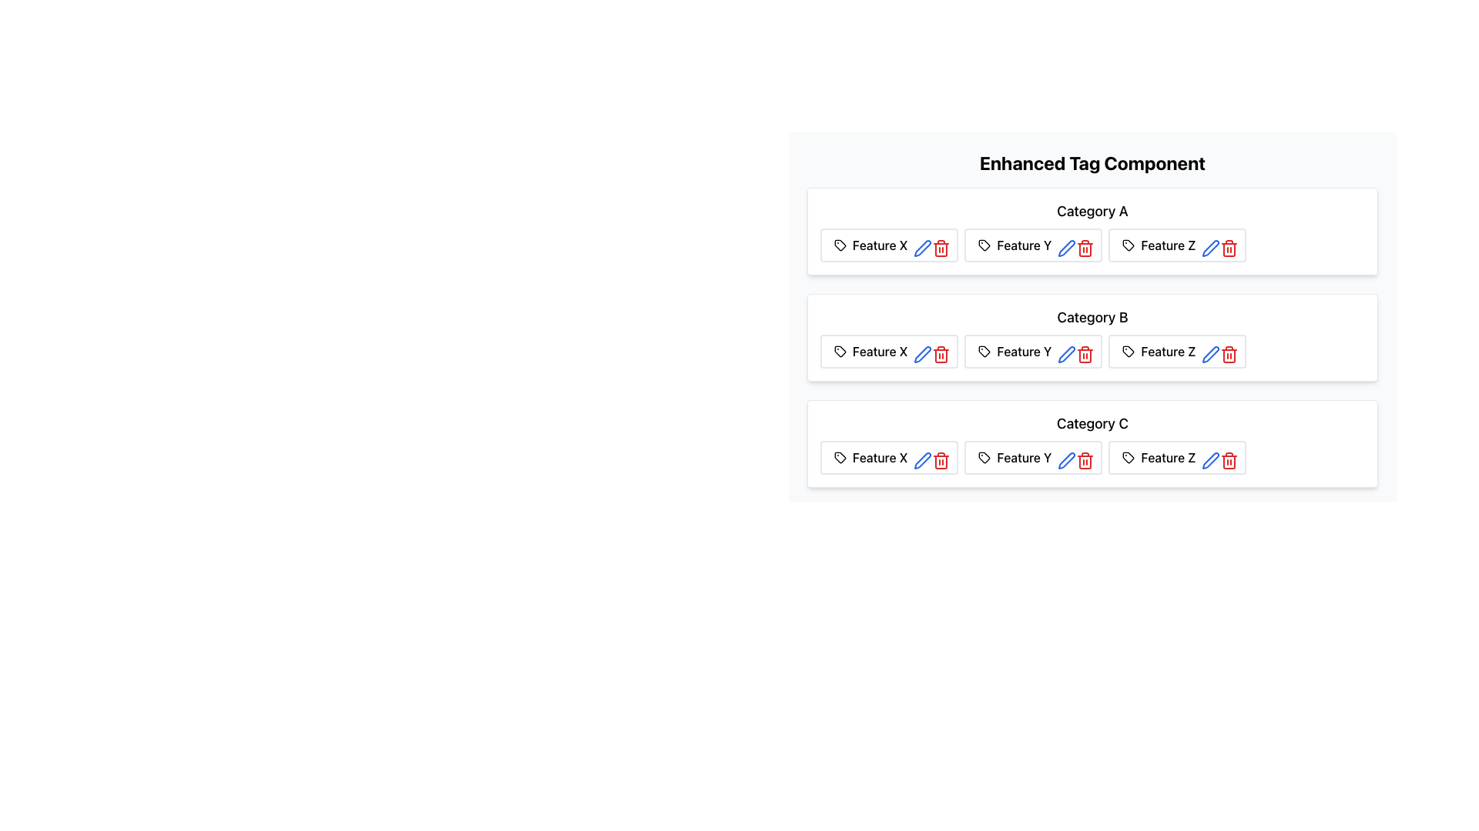  What do you see at coordinates (880, 351) in the screenshot?
I see `the text label identifying the feature in the 'Category B' section, which is the first label of the row containing a tag icon and additional controls` at bounding box center [880, 351].